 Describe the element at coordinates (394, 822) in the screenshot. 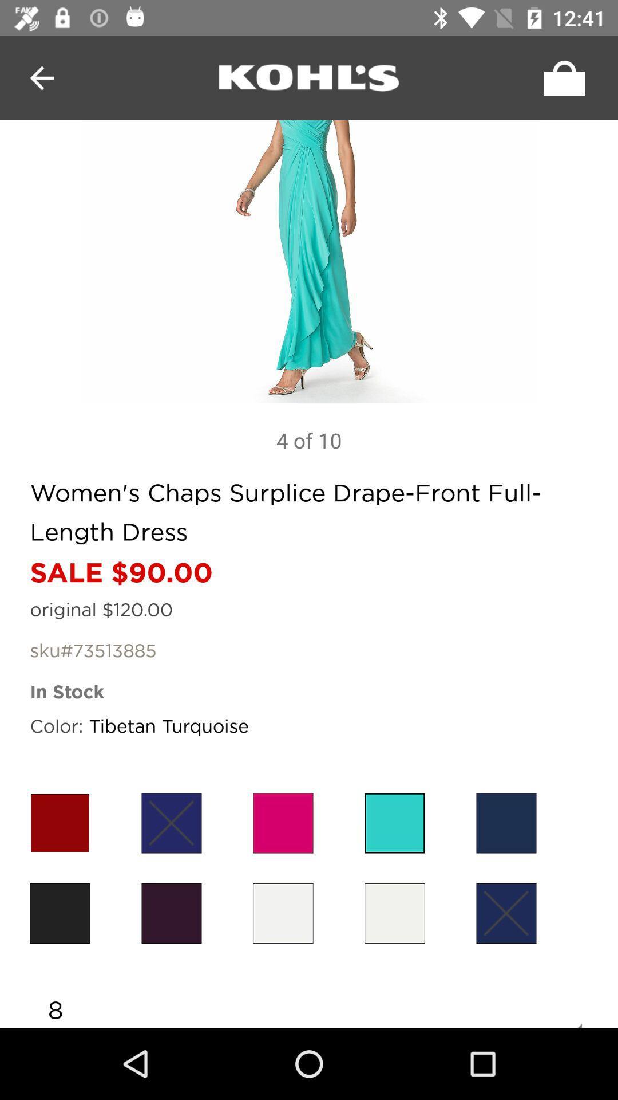

I see `sky-blue color` at that location.